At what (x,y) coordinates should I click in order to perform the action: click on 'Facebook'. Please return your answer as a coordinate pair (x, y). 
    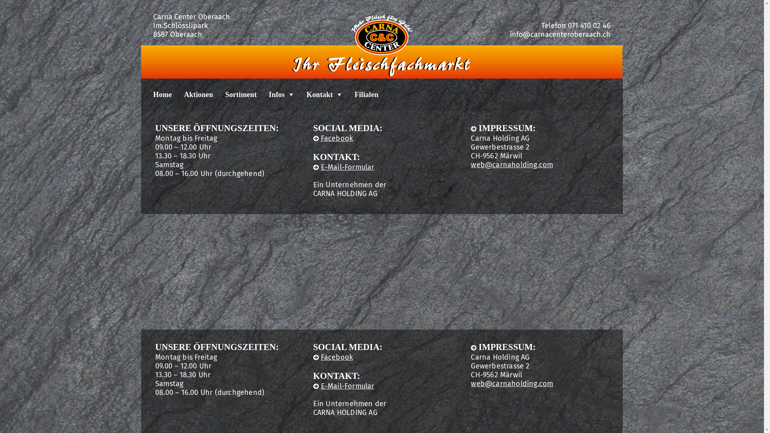
    Looking at the image, I should click on (313, 138).